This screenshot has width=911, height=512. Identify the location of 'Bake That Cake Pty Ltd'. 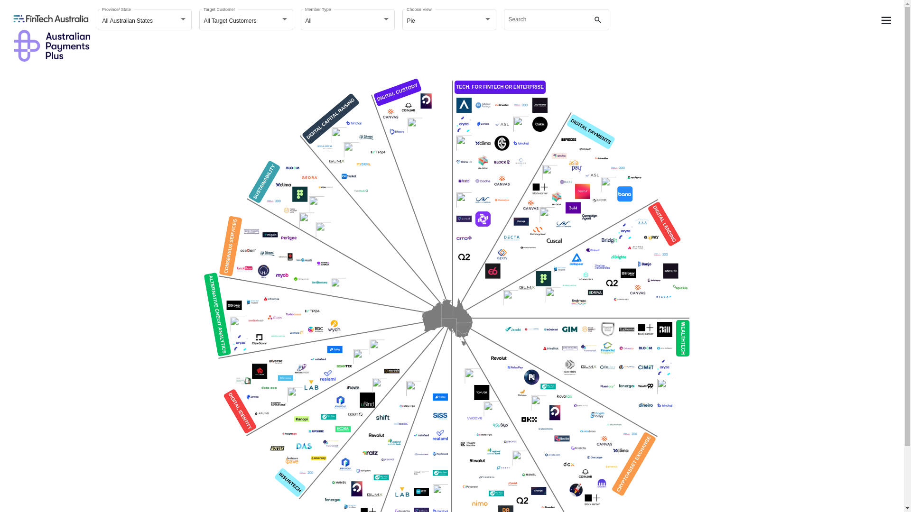
(530, 124).